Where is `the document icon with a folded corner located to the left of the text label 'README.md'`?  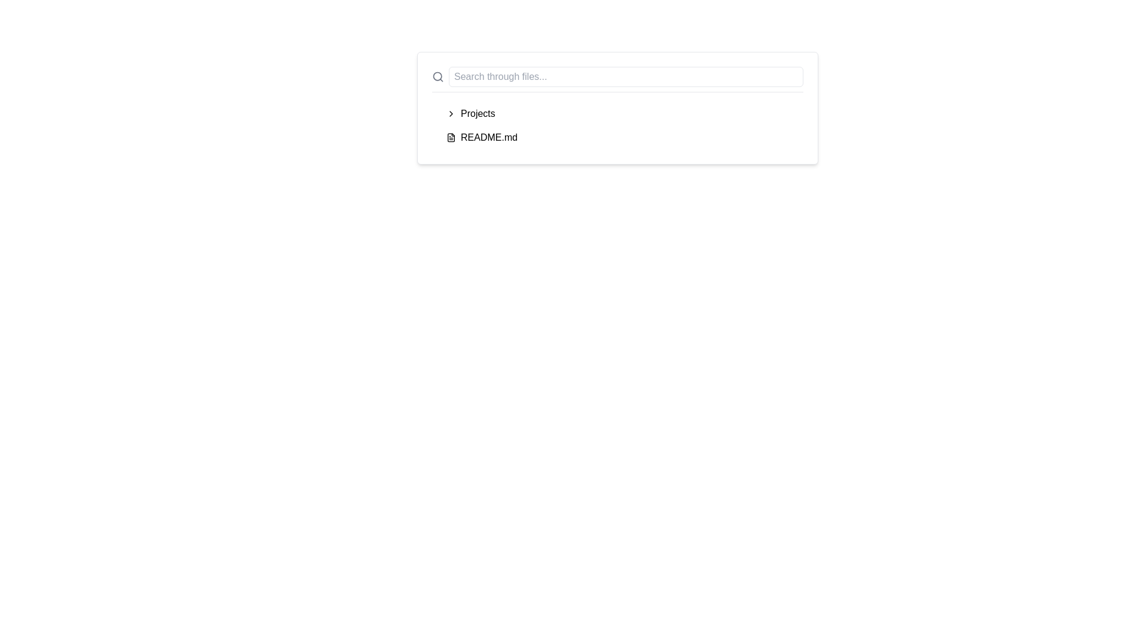
the document icon with a folded corner located to the left of the text label 'README.md' is located at coordinates (450, 137).